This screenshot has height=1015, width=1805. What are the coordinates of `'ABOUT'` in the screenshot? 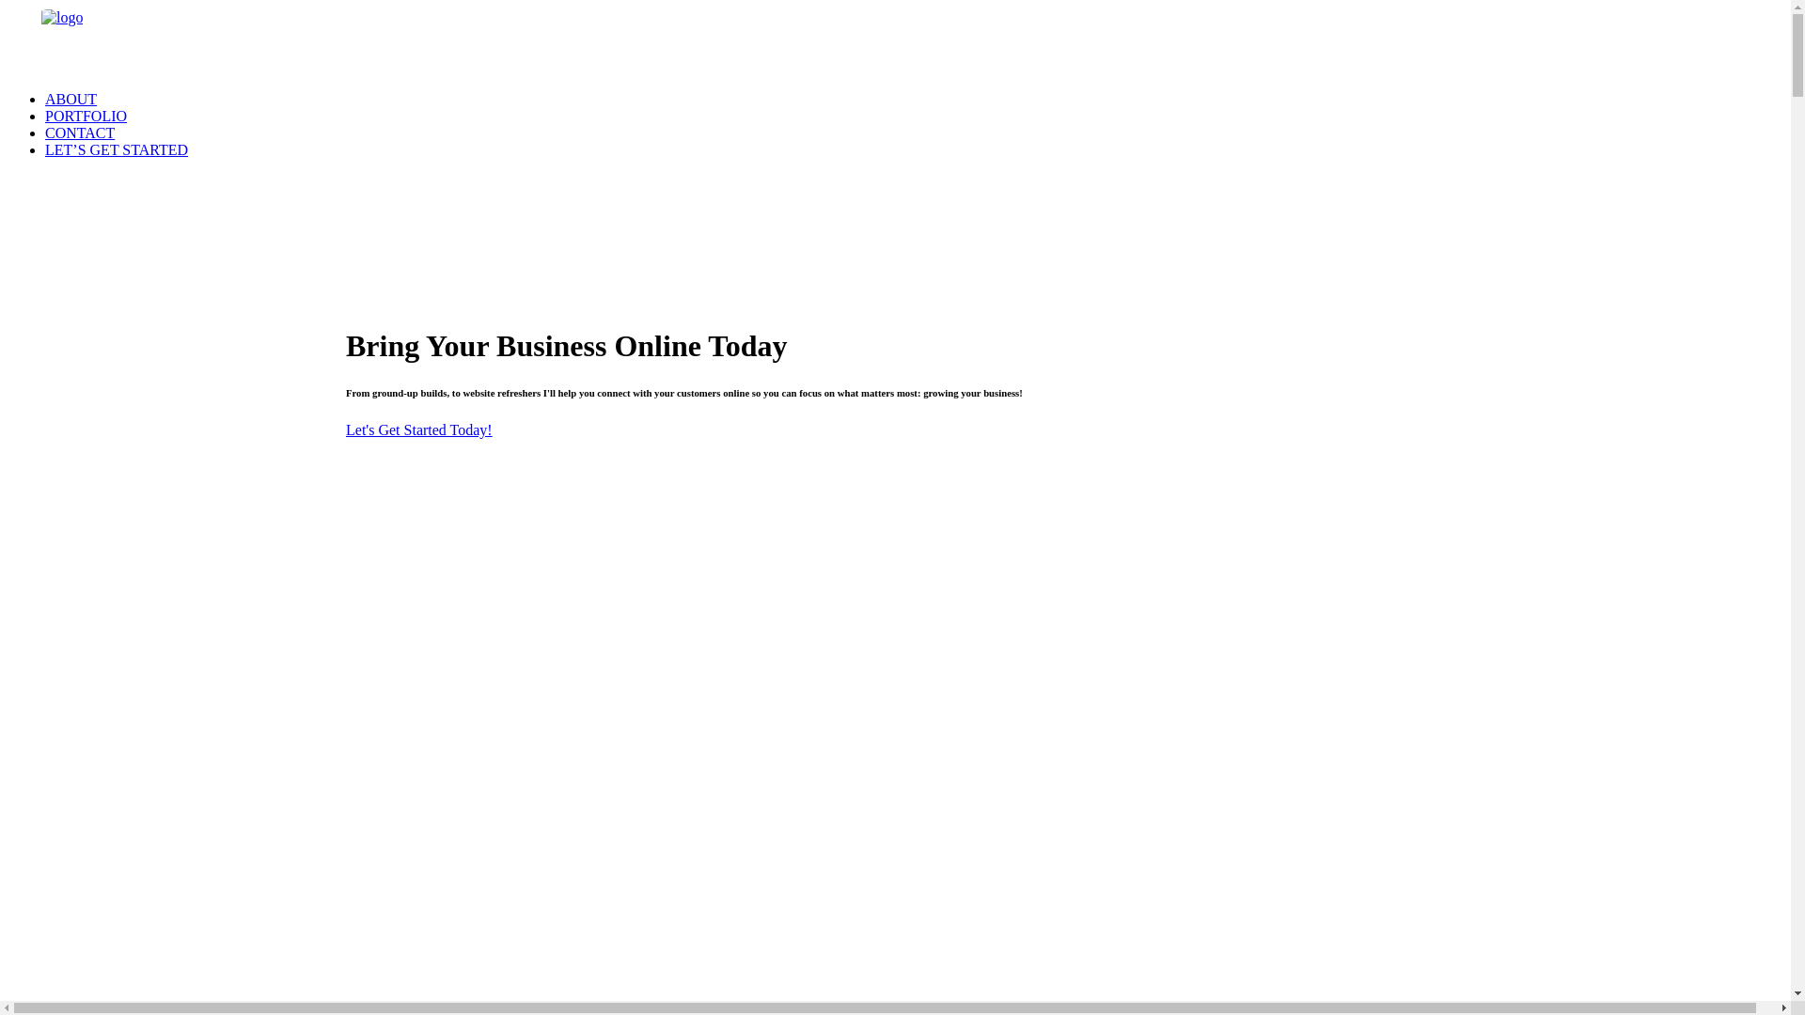 It's located at (71, 99).